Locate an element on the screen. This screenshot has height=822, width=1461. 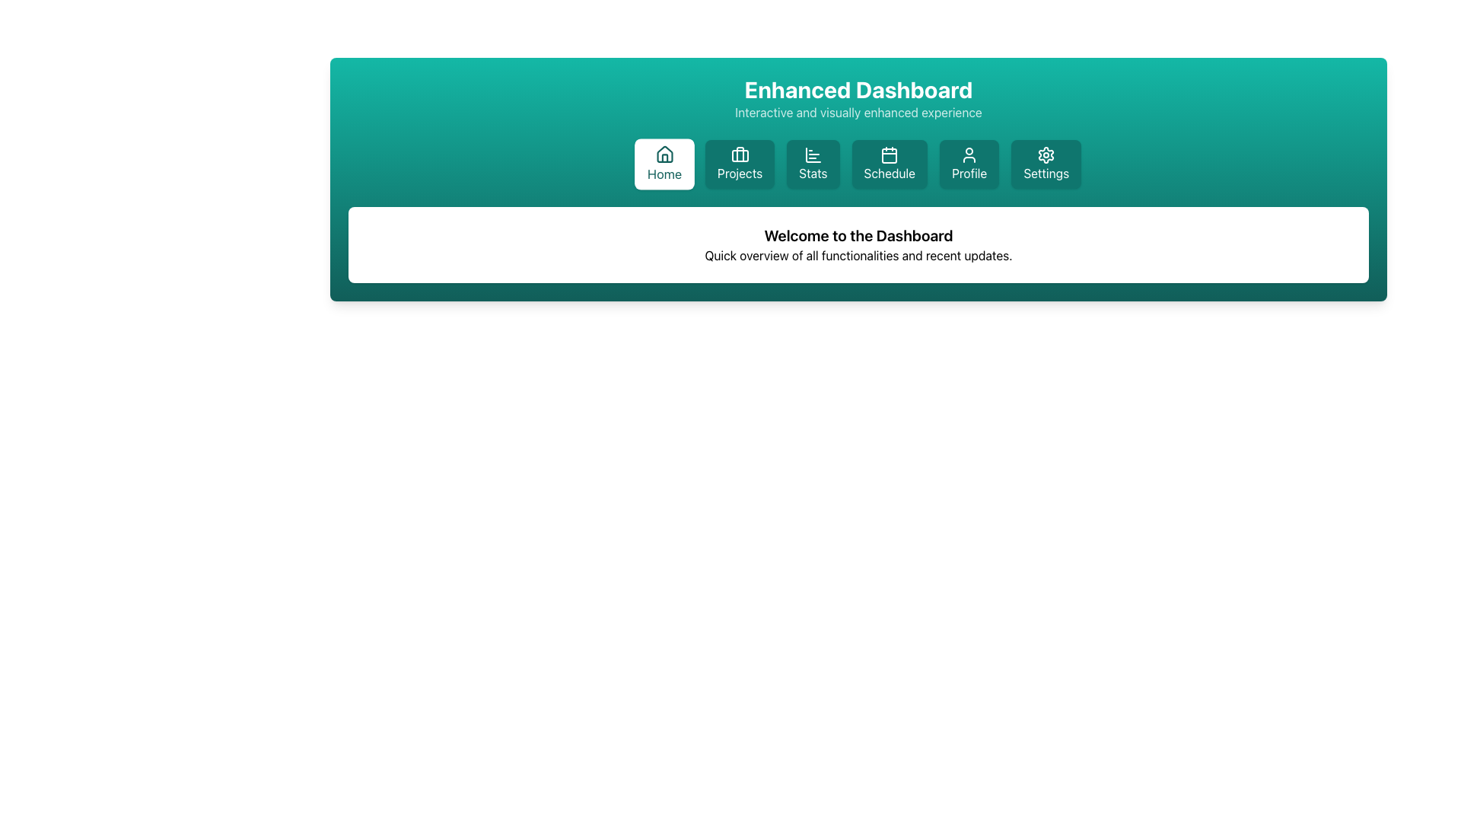
the 'Profile' button with a teal background and white text located in the navigation bar, fifth from the left is located at coordinates (969, 164).